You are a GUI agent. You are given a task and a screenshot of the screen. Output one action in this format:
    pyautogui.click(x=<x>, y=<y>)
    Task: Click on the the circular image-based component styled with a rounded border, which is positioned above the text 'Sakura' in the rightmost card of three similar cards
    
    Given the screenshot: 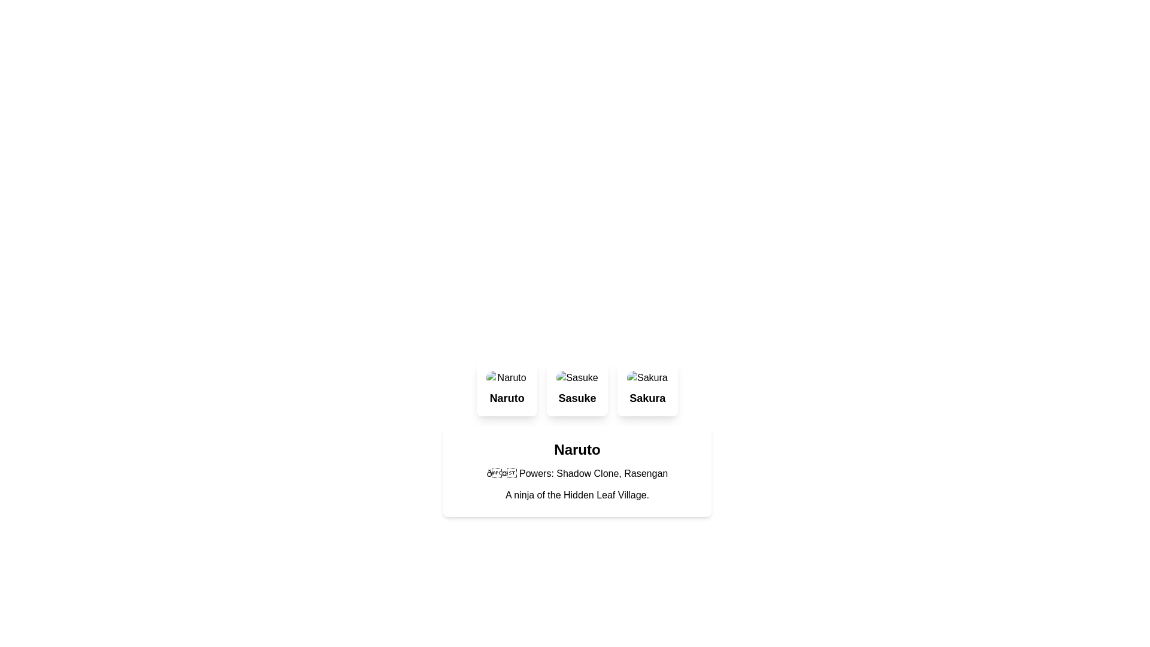 What is the action you would take?
    pyautogui.click(x=647, y=378)
    